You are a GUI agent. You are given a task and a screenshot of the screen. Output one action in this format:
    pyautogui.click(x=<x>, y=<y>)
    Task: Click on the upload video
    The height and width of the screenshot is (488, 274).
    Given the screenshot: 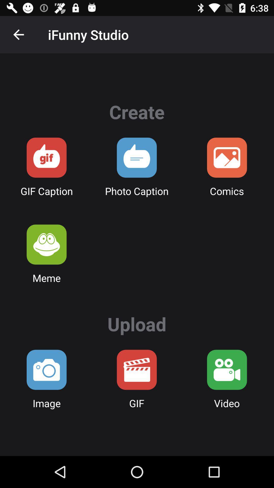 What is the action you would take?
    pyautogui.click(x=227, y=370)
    